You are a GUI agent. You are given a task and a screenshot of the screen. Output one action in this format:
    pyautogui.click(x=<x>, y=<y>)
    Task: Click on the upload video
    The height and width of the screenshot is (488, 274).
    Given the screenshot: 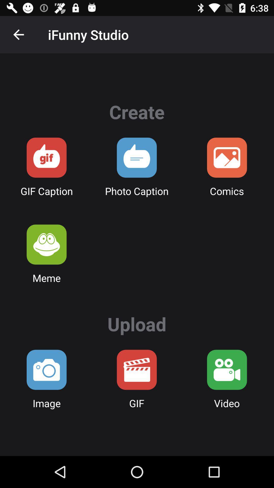 What is the action you would take?
    pyautogui.click(x=227, y=370)
    